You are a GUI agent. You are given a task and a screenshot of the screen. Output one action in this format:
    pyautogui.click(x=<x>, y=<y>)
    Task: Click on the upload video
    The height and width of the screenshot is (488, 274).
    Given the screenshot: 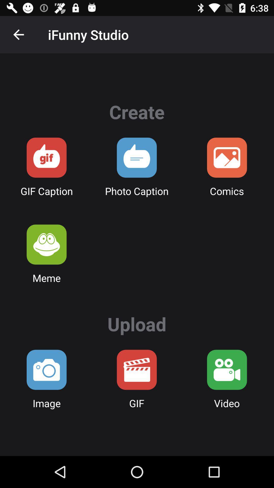 What is the action you would take?
    pyautogui.click(x=227, y=370)
    